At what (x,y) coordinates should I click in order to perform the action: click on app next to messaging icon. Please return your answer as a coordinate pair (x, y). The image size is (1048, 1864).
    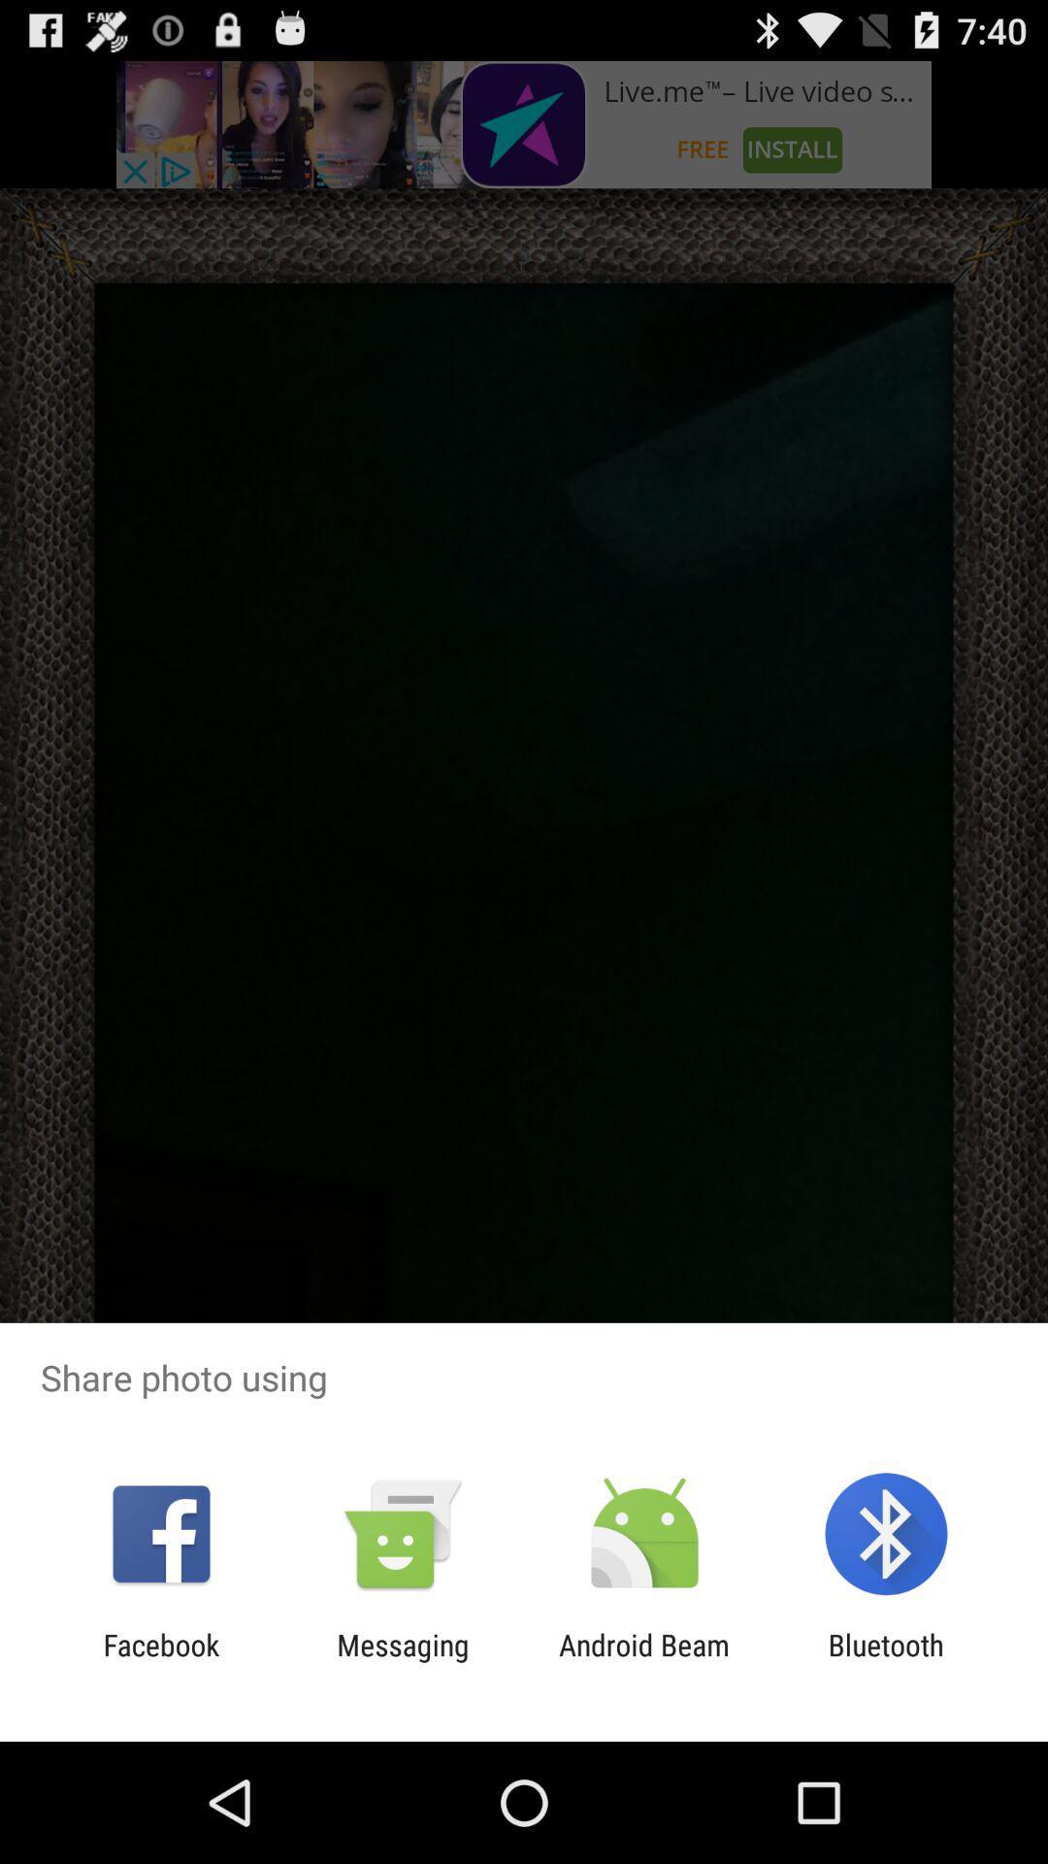
    Looking at the image, I should click on (644, 1661).